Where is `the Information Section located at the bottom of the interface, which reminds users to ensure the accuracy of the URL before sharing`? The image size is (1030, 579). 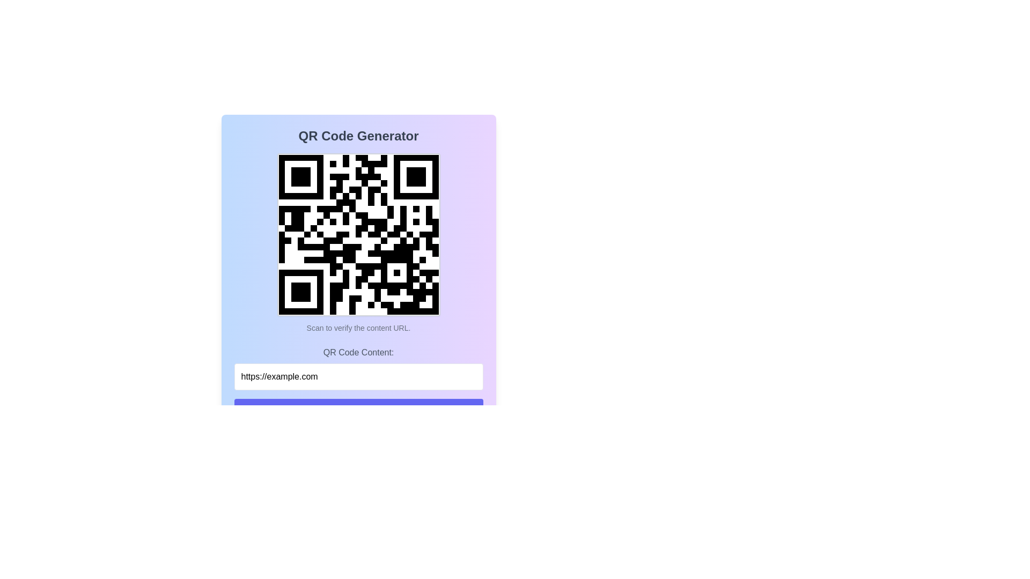 the Information Section located at the bottom of the interface, which reminds users to ensure the accuracy of the URL before sharing is located at coordinates (358, 483).